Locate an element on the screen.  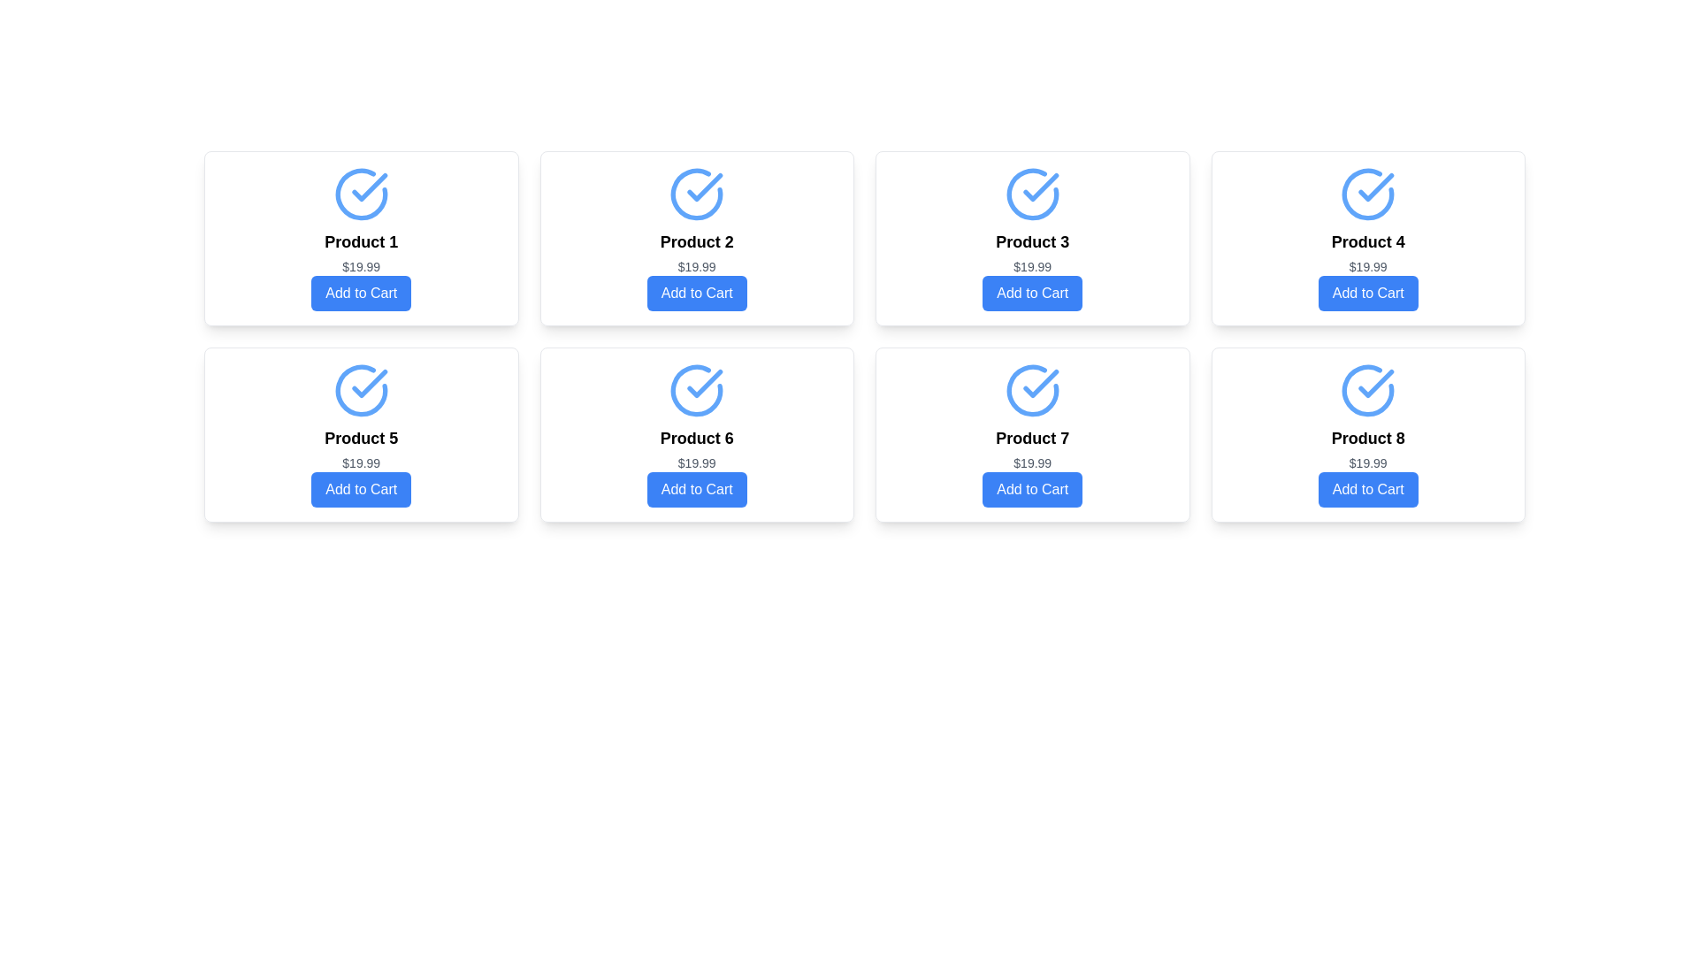
the Text Label that identifies the product within its card, located in the second column of the grid, below the circular checkmark icon and above the price and 'Add to Cart' button is located at coordinates (696, 241).